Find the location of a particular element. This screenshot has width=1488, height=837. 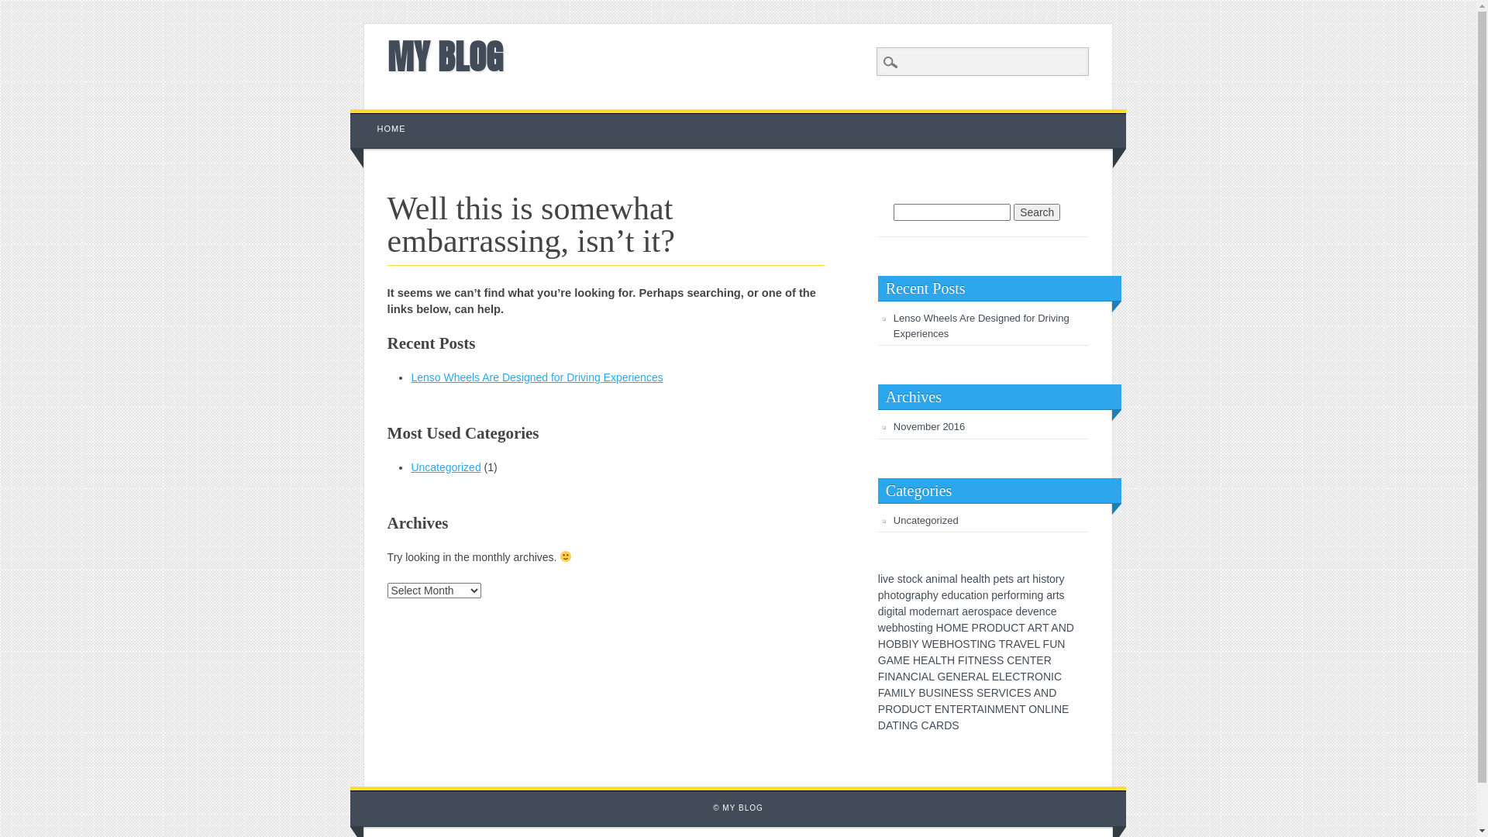

'g' is located at coordinates (1038, 594).